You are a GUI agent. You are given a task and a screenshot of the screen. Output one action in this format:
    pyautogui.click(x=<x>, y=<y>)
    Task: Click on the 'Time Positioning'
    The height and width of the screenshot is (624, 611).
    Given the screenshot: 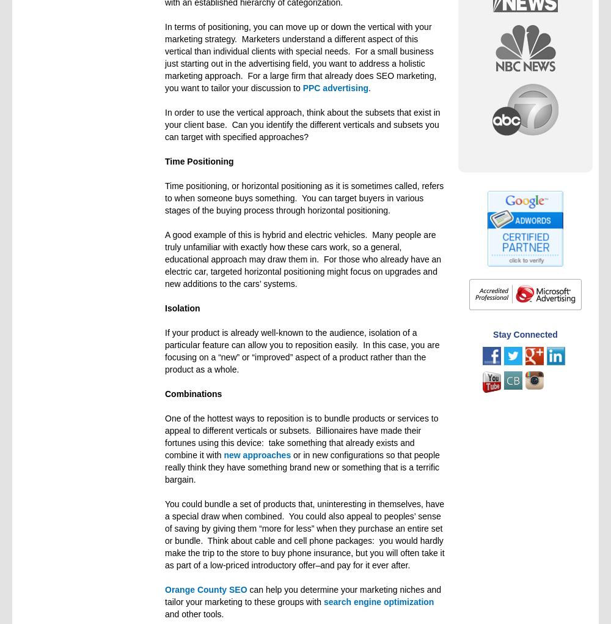 What is the action you would take?
    pyautogui.click(x=199, y=160)
    